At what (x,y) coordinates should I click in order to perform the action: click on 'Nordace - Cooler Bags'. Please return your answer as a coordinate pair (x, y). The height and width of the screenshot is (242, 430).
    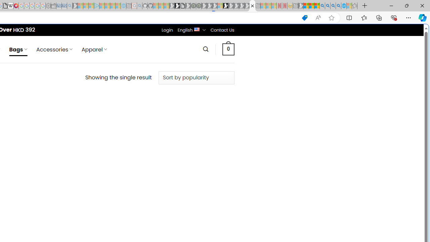
    Looking at the image, I should click on (252, 6).